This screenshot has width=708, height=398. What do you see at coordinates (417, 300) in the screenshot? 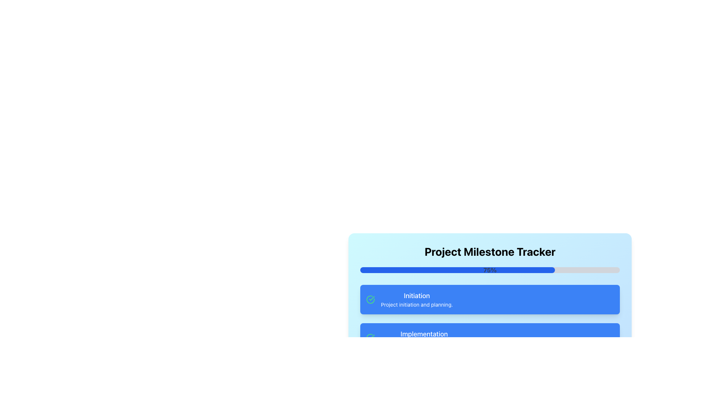
I see `text displayed in the Text Block that shows the title 'Initiation' and the subtitle 'Project initiation and planning.'` at bounding box center [417, 300].